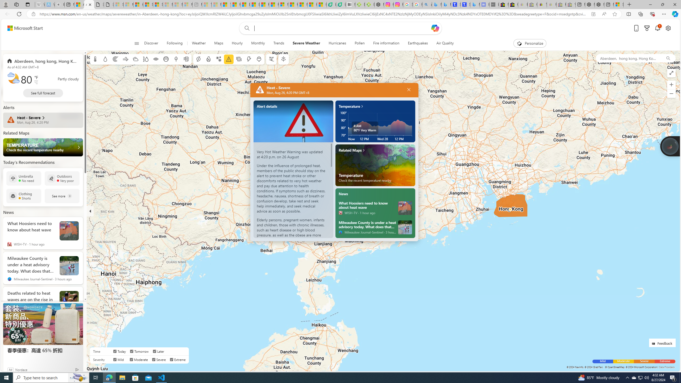  What do you see at coordinates (437, 4) in the screenshot?
I see `'Microsoft Bing Travel - Flights from Hong Kong to Bangkok'` at bounding box center [437, 4].